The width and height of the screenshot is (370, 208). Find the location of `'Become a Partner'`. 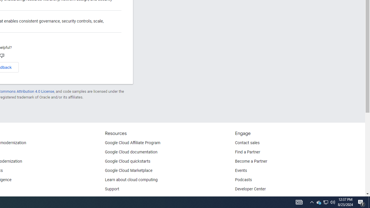

'Become a Partner' is located at coordinates (251, 161).